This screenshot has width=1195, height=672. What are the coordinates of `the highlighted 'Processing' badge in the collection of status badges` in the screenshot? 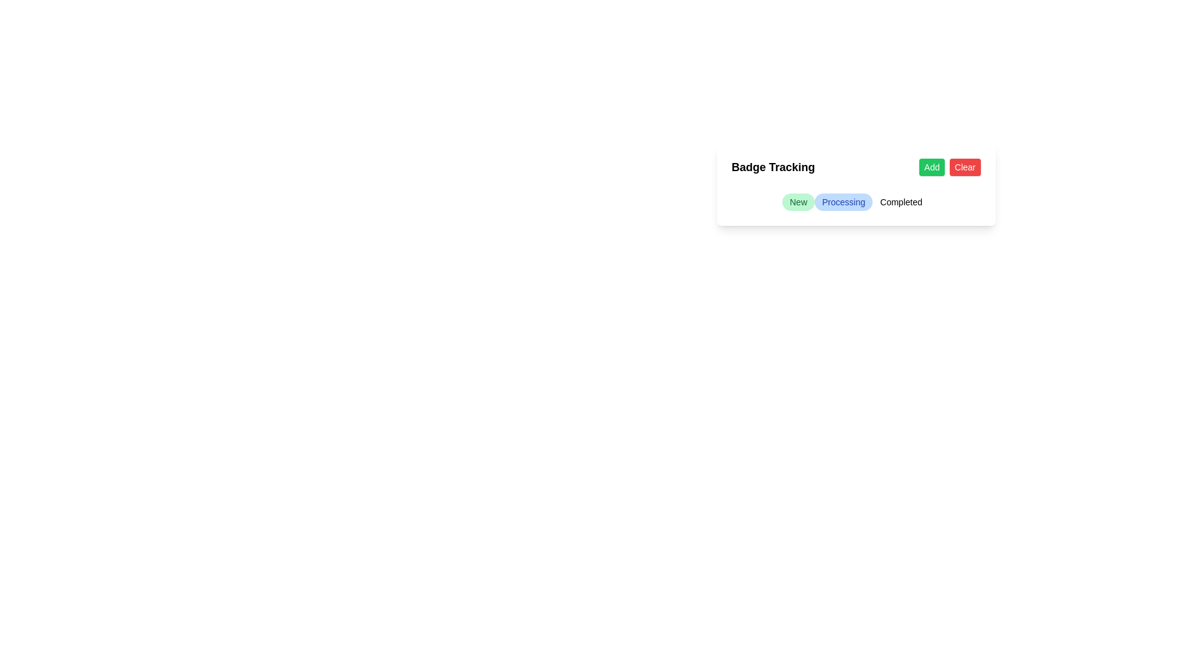 It's located at (855, 198).